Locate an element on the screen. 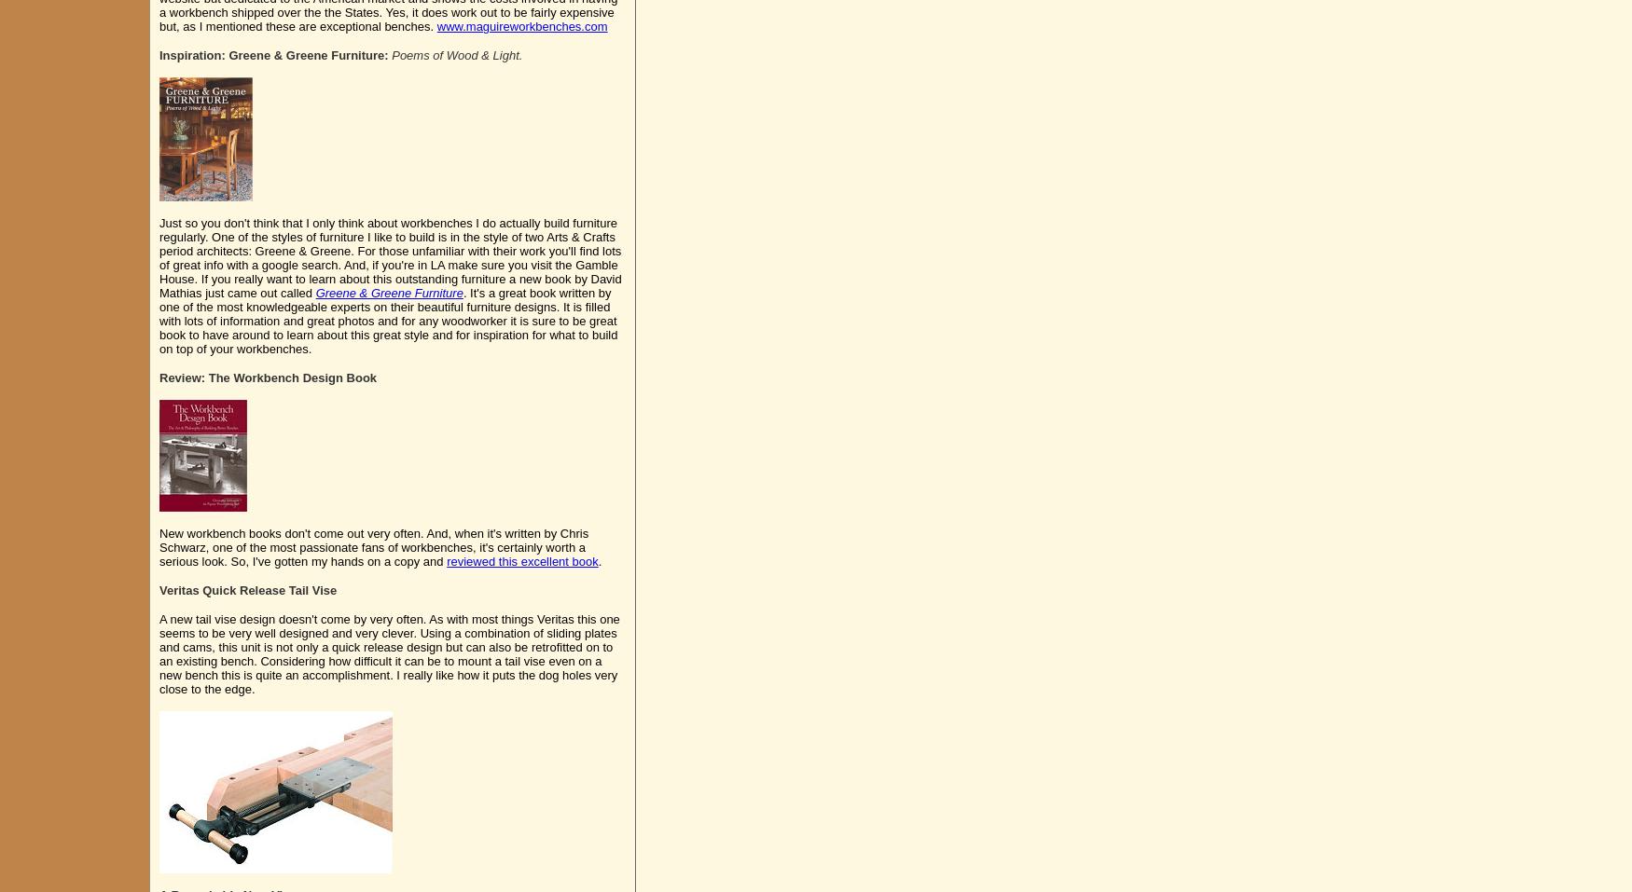  '. It's a great book written by one of the most knowledgeable experts on their beautiful furniture designs. It is filled with lots of information and great photos and for any woodworker it is sure to be great book to have around to learn about this great style and for inspiration for what to build on top of your workbenches.' is located at coordinates (387, 321).